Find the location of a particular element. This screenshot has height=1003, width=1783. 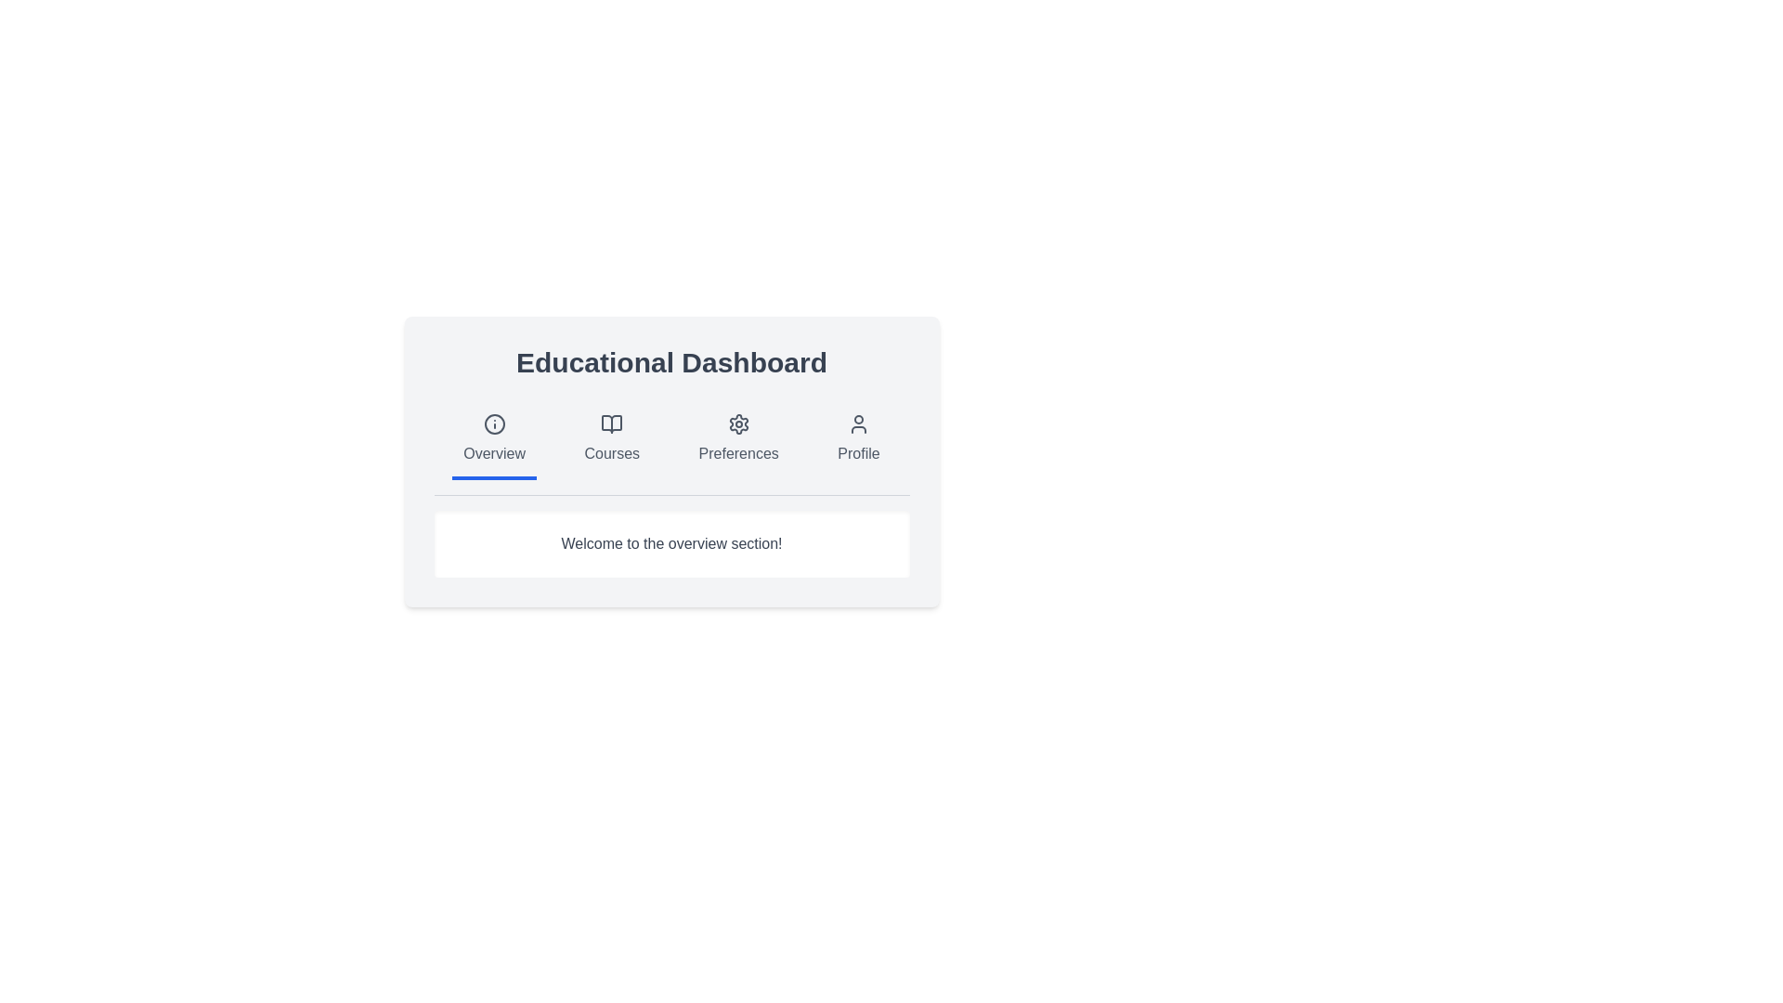

welcoming message displayed in the Text Display Component located centrally beneath the horizontal menu bar is located at coordinates (670, 543).